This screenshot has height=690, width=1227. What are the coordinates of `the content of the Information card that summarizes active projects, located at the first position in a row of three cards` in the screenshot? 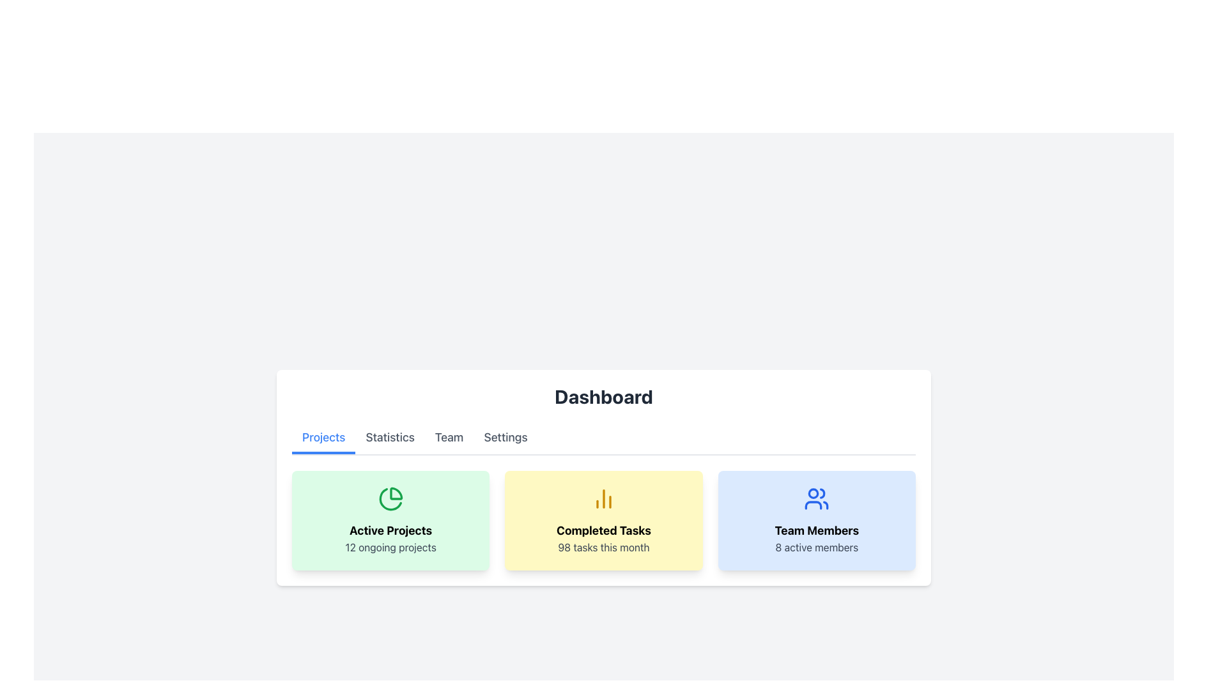 It's located at (390, 520).